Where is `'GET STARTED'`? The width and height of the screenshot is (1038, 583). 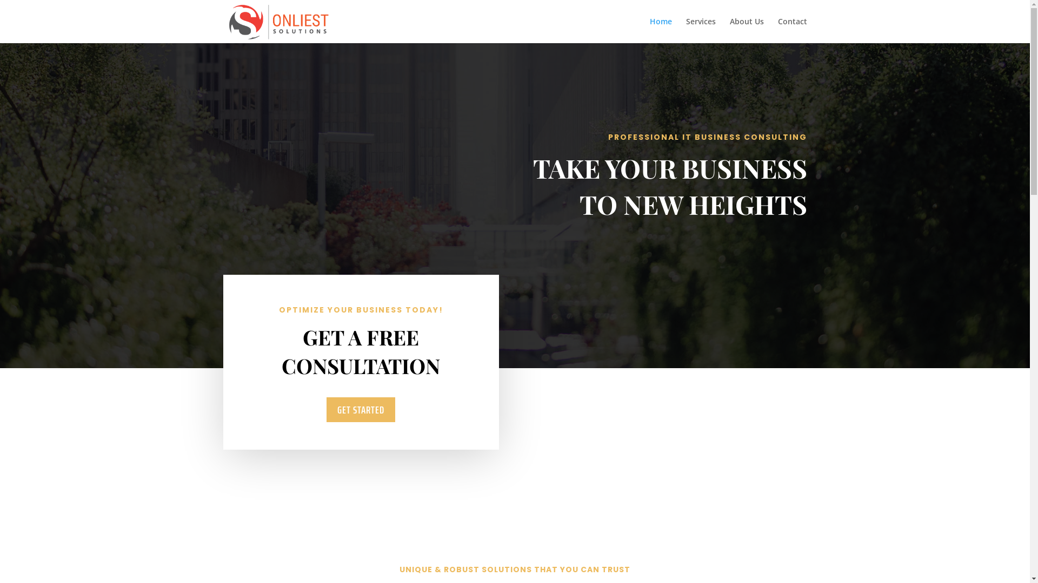
'GET STARTED' is located at coordinates (361, 410).